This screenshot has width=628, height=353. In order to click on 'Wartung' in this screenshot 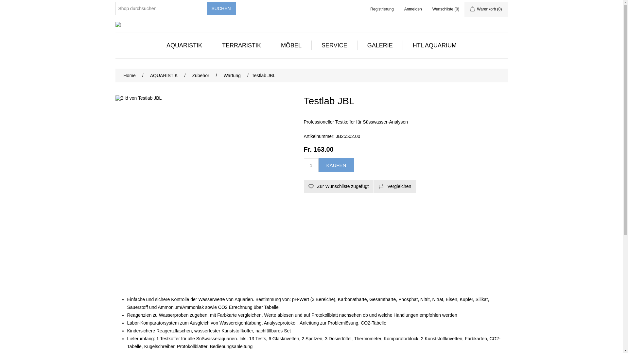, I will do `click(221, 75)`.